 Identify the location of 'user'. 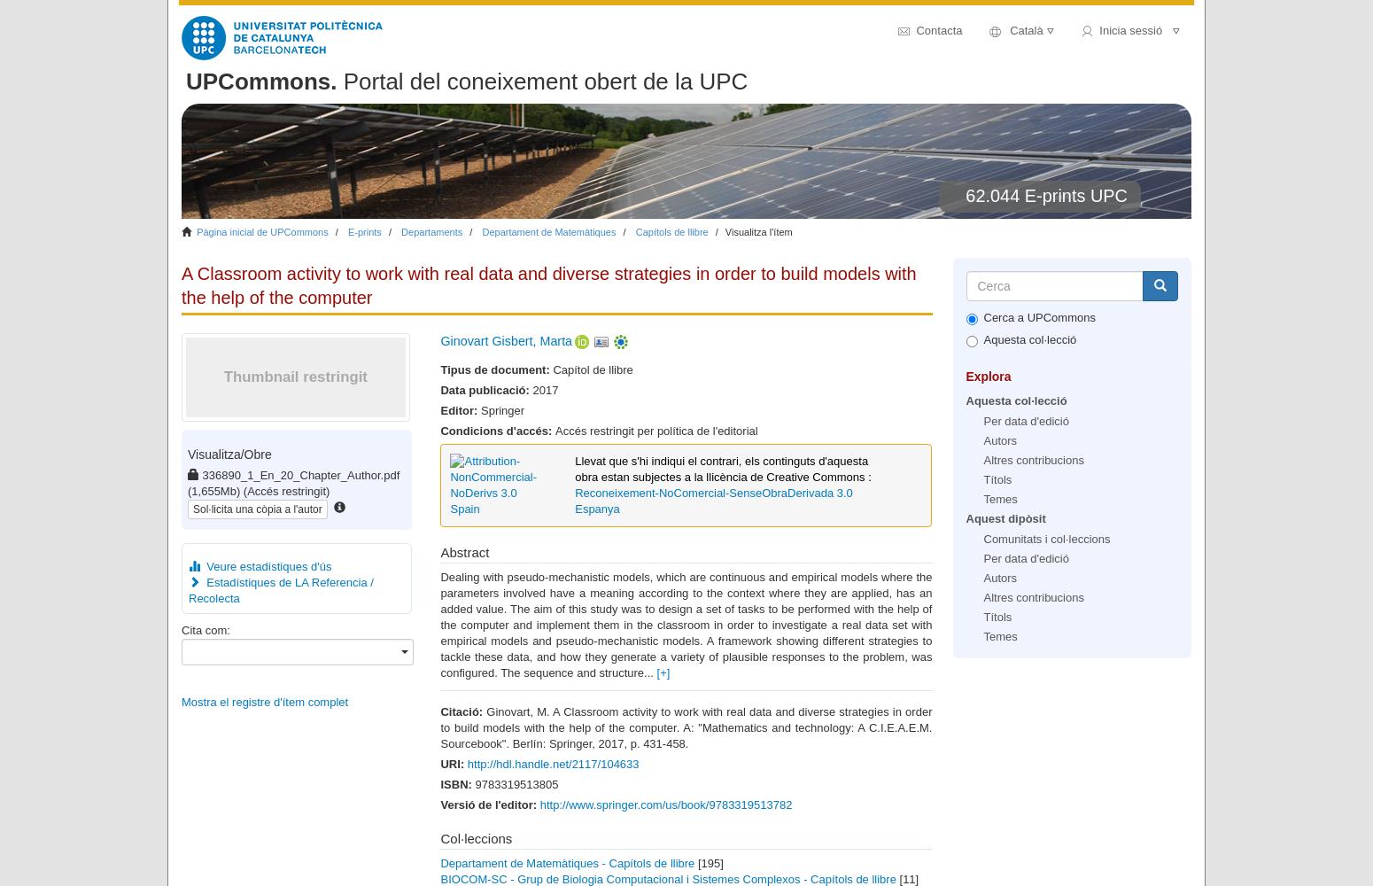
(1087, 31).